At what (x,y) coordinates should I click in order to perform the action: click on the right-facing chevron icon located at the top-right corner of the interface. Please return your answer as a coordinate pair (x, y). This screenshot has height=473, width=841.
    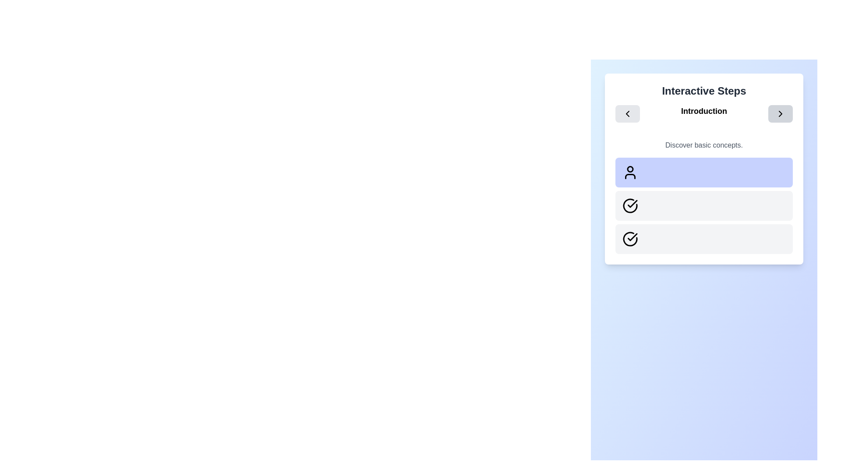
    Looking at the image, I should click on (780, 113).